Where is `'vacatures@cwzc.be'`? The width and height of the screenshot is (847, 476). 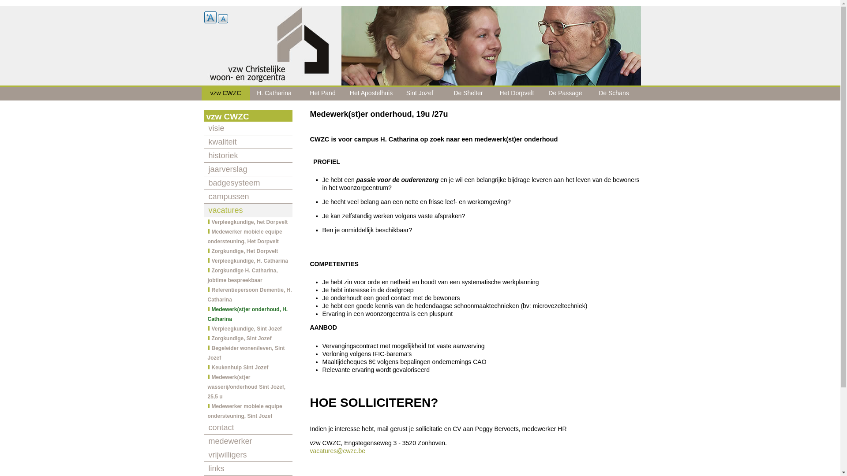
'vacatures@cwzc.be' is located at coordinates (337, 450).